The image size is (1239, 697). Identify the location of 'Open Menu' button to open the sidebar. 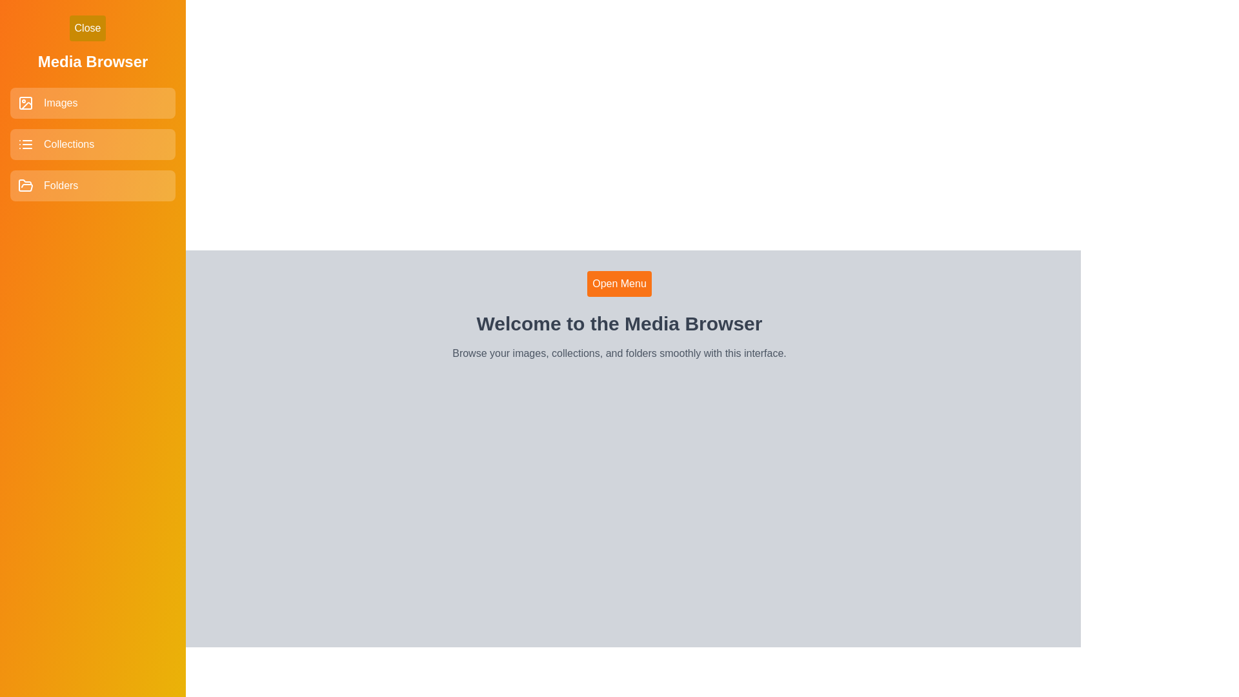
(619, 283).